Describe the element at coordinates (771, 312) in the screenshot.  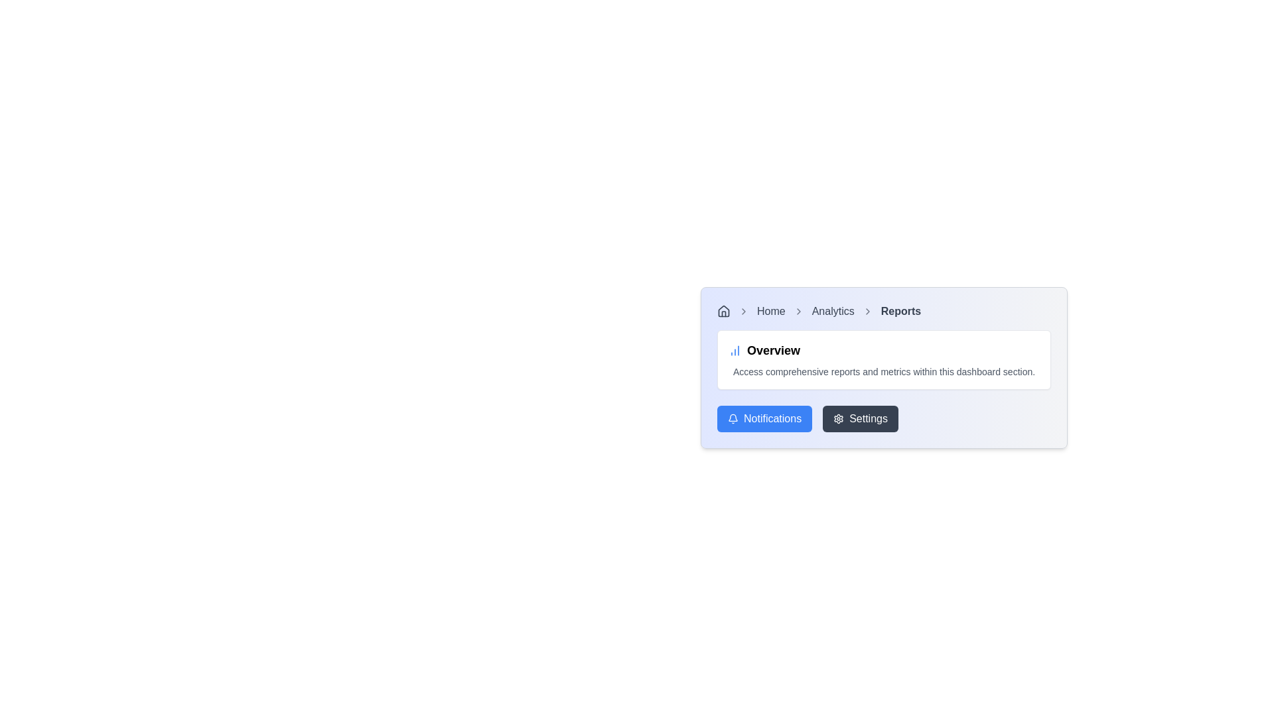
I see `the 'Home' text label in the breadcrumb navigation` at that location.